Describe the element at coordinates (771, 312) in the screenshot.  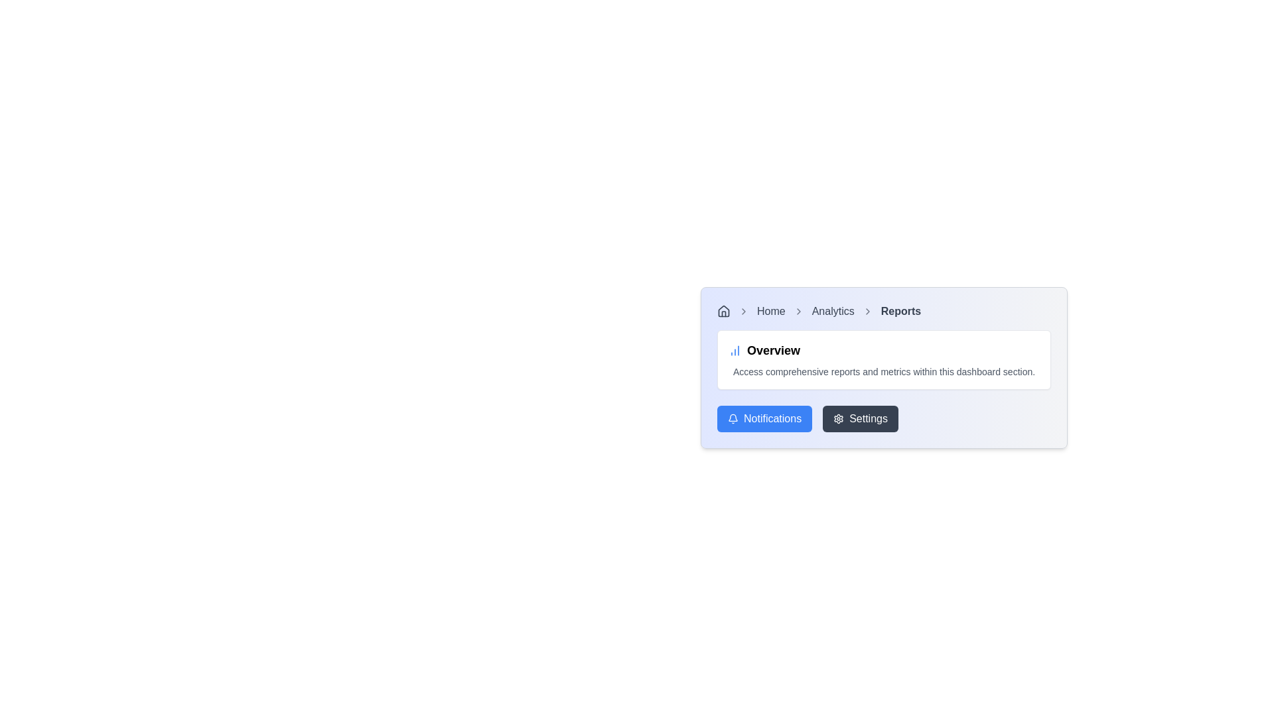
I see `the 'Home' text label in the breadcrumb navigation` at that location.